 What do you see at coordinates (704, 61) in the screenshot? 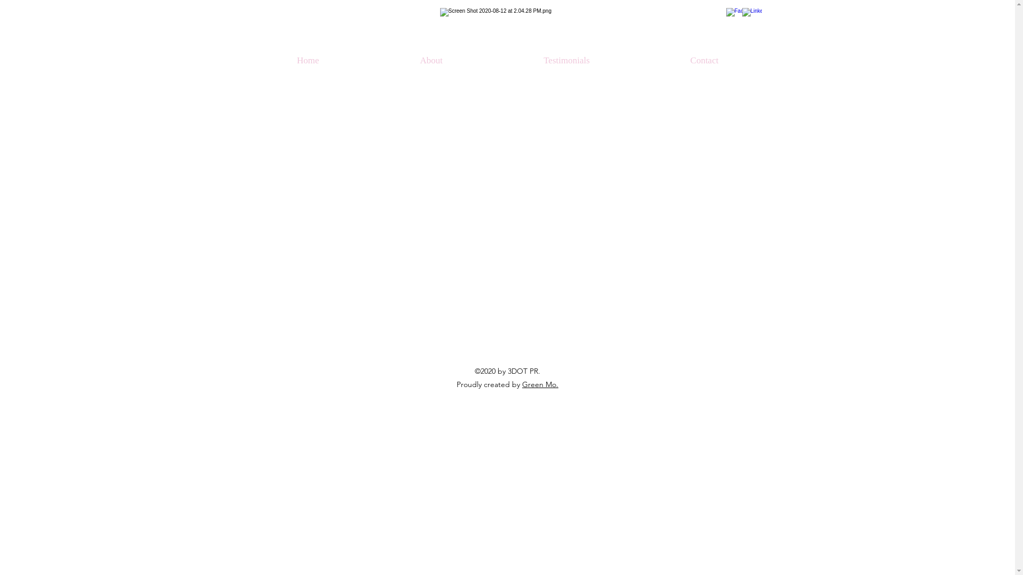
I see `'Contact'` at bounding box center [704, 61].